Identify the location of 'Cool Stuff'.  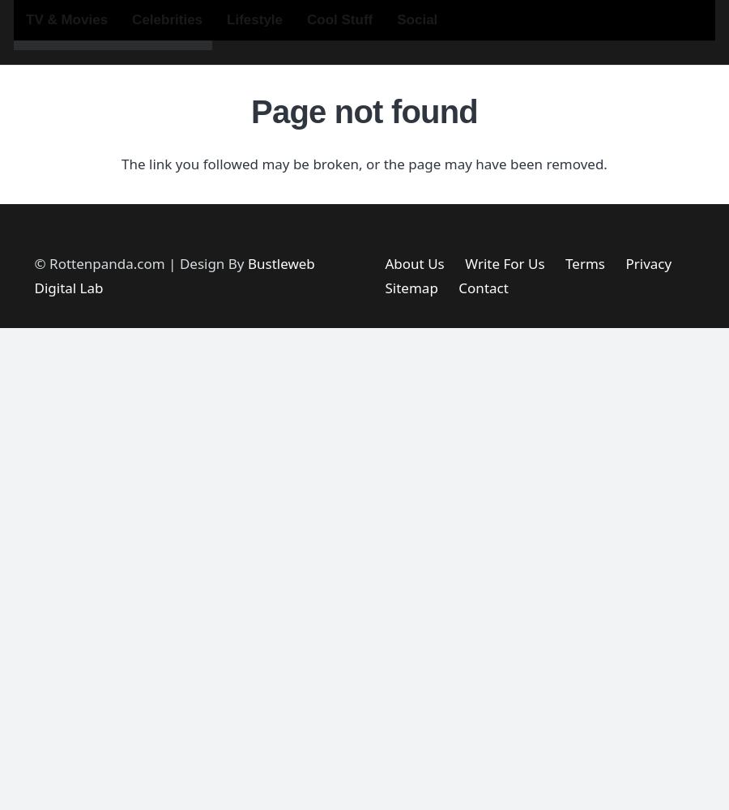
(339, 19).